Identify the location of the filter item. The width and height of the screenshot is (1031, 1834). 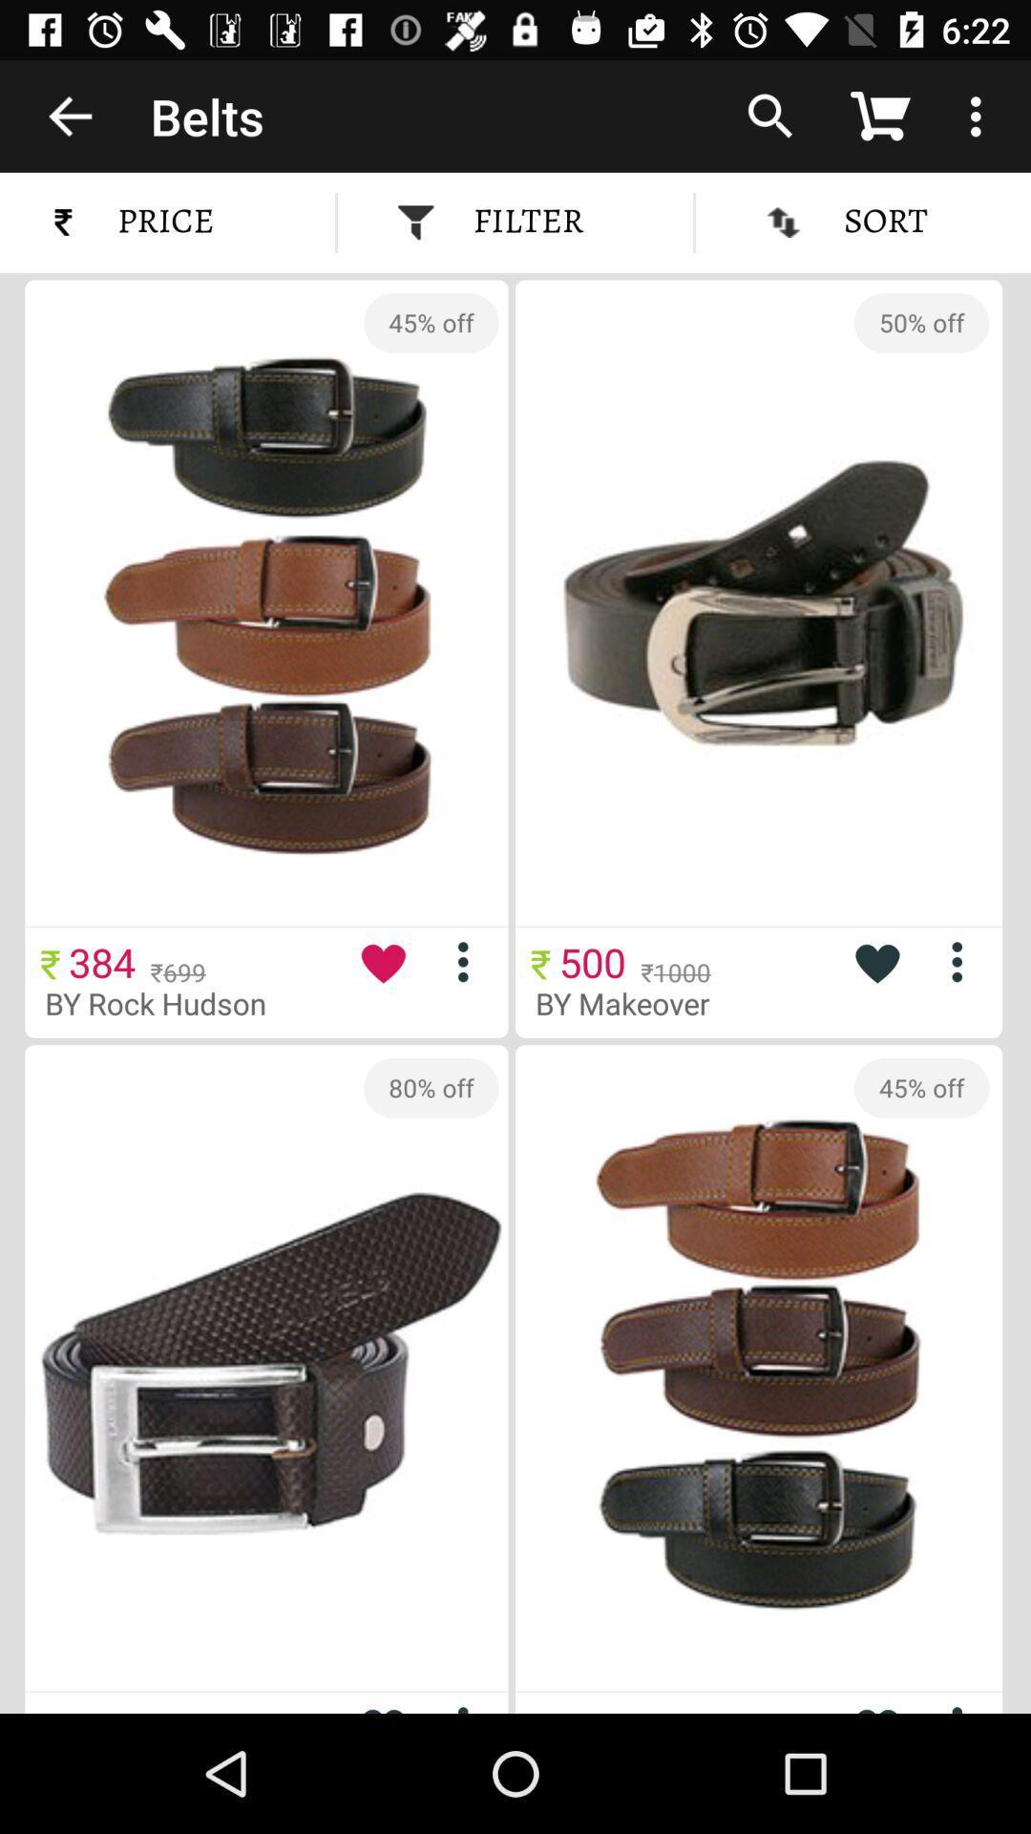
(515, 223).